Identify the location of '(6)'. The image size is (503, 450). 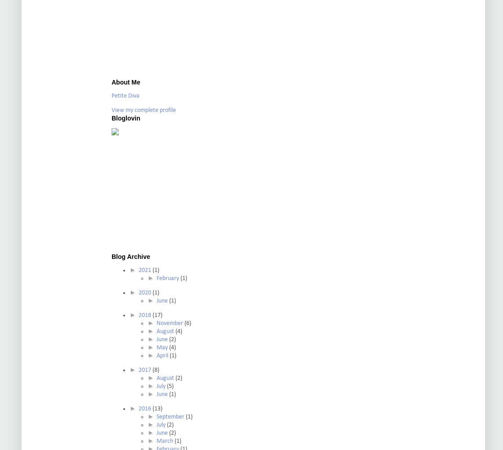
(183, 323).